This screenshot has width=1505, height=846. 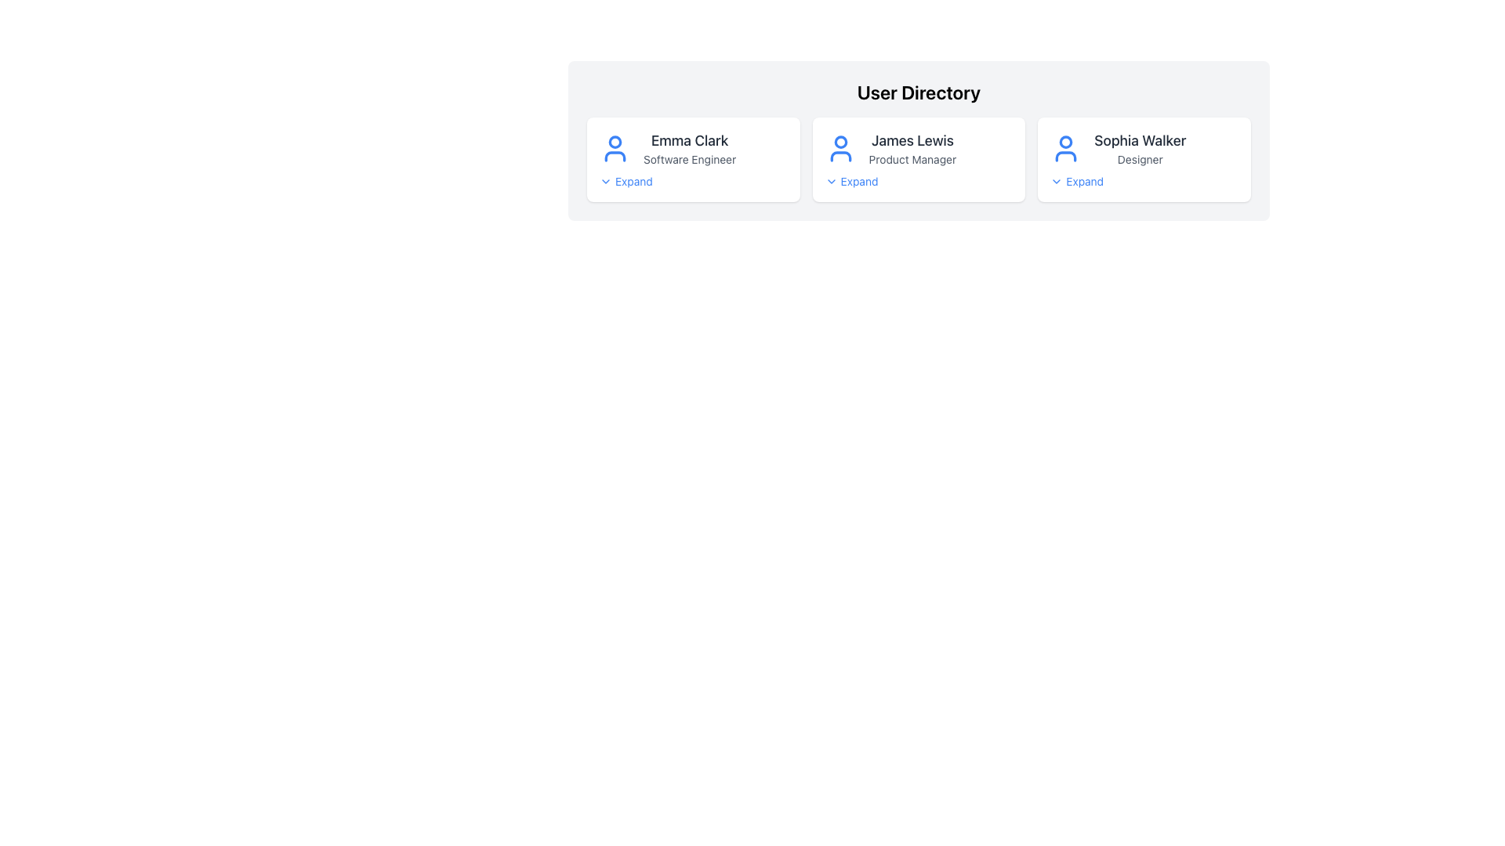 I want to click on the User Profile Card containing the circular blue icon for user 'Sophia Walker', which is the third card in the User Directory section, so click(x=1144, y=148).